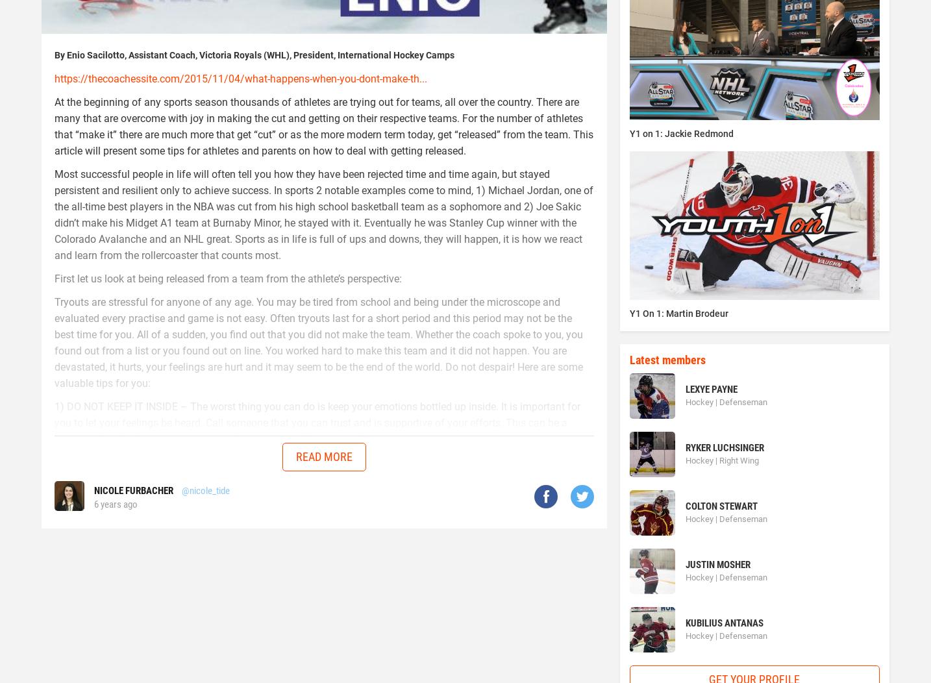 The width and height of the screenshot is (931, 683). What do you see at coordinates (93, 490) in the screenshot?
I see `'Nicole Furbacher'` at bounding box center [93, 490].